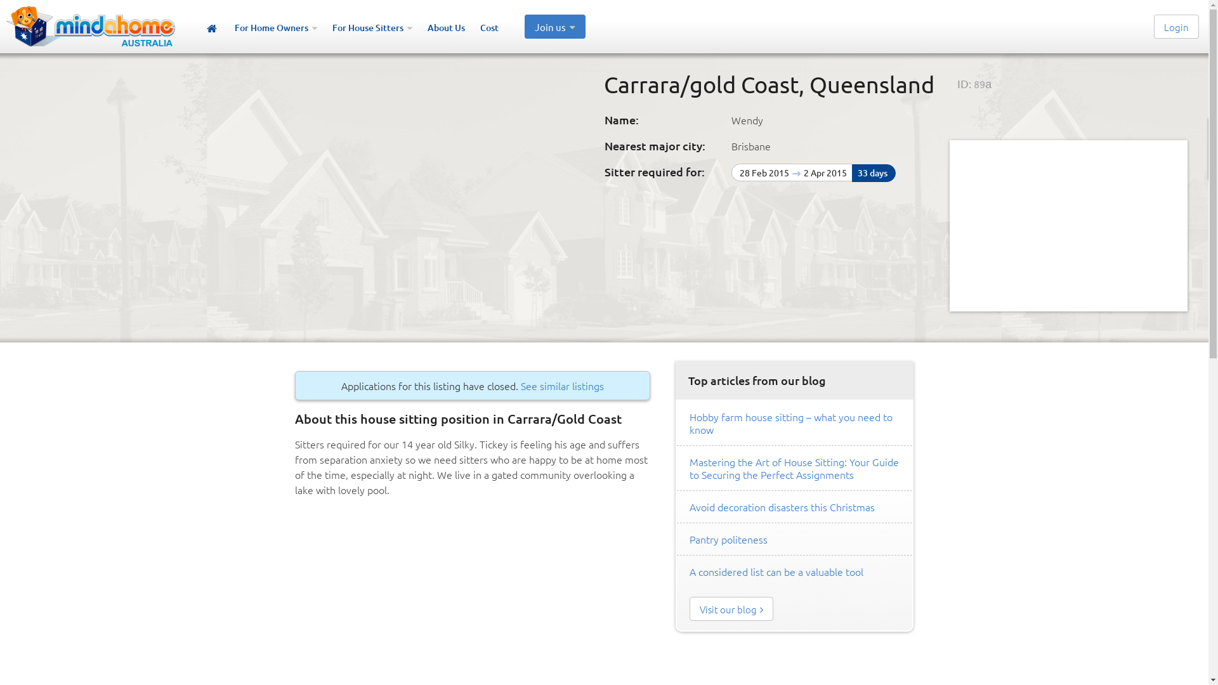 The image size is (1218, 685). Describe the element at coordinates (331, 29) in the screenshot. I see `'For House Sitters'` at that location.